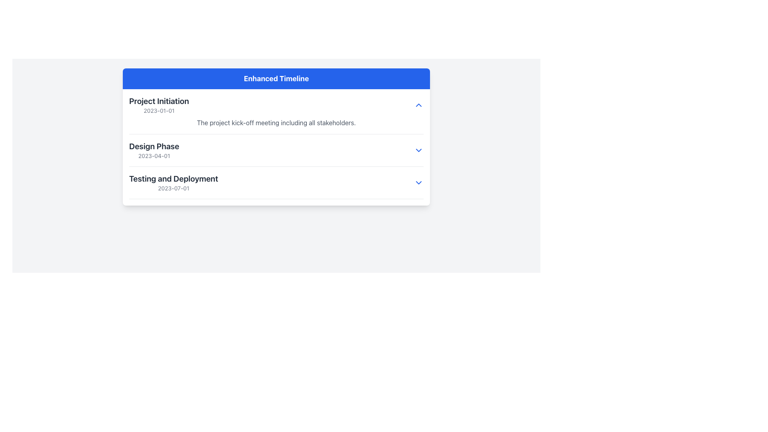  Describe the element at coordinates (159, 104) in the screenshot. I see `the content of the first entry in the 'Enhanced Timeline' list, which includes a title and subtitle format indicating the name of the phase and its date` at that location.